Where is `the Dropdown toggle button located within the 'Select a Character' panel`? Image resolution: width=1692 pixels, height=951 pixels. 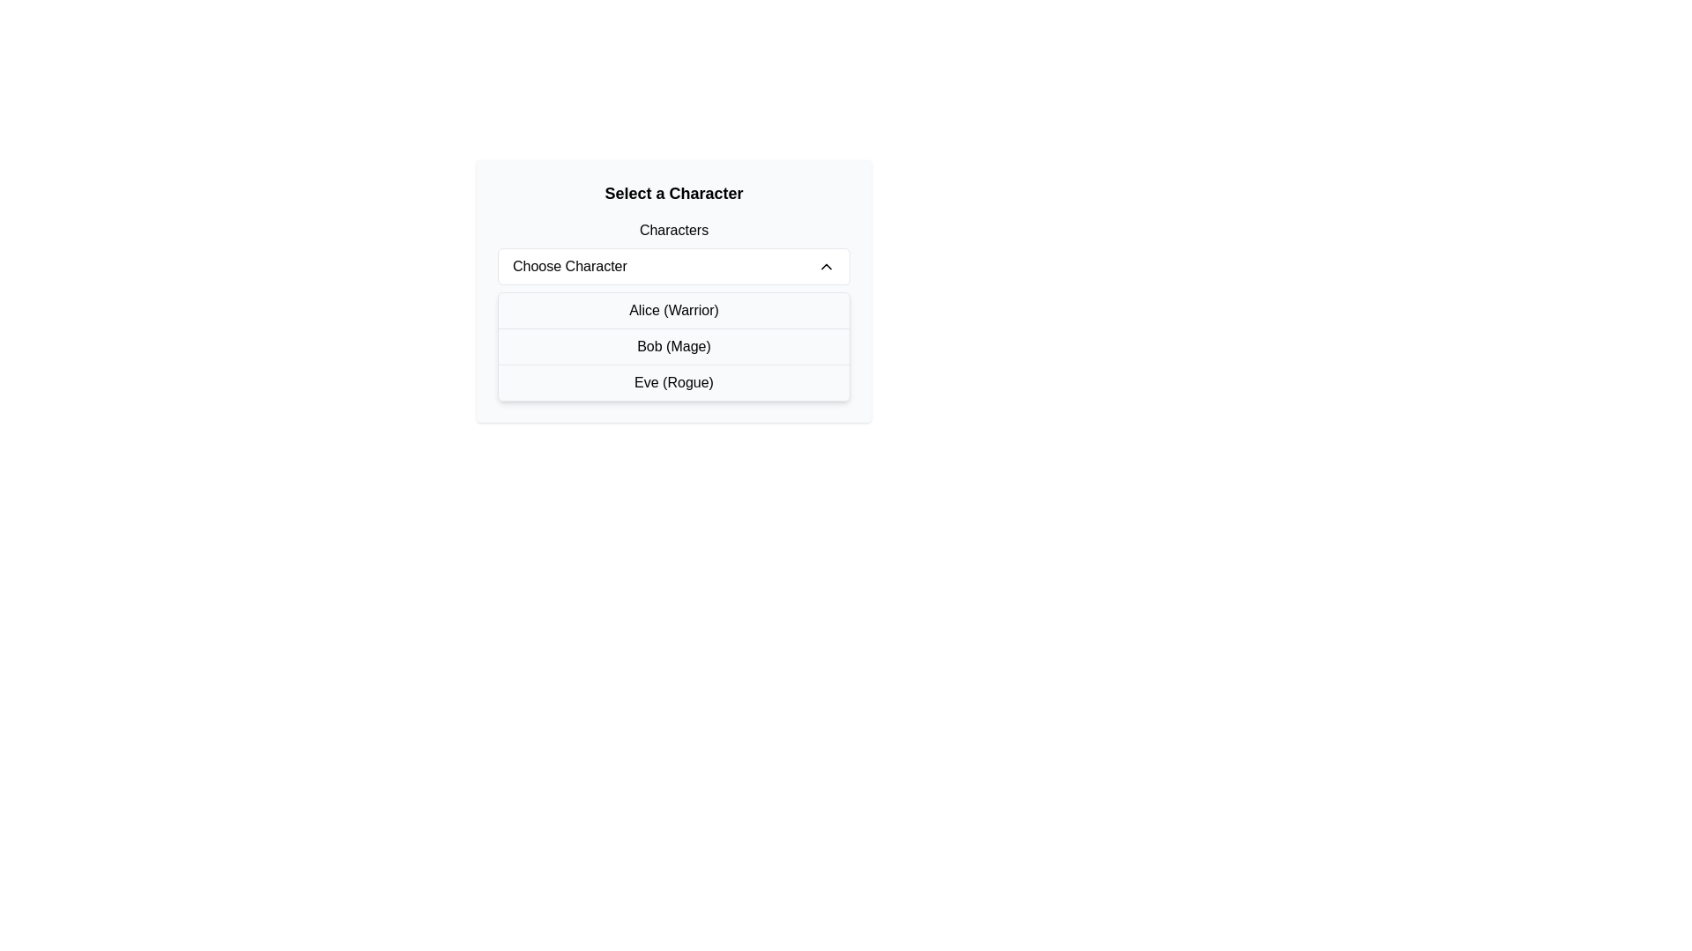
the Dropdown toggle button located within the 'Select a Character' panel is located at coordinates (672, 267).